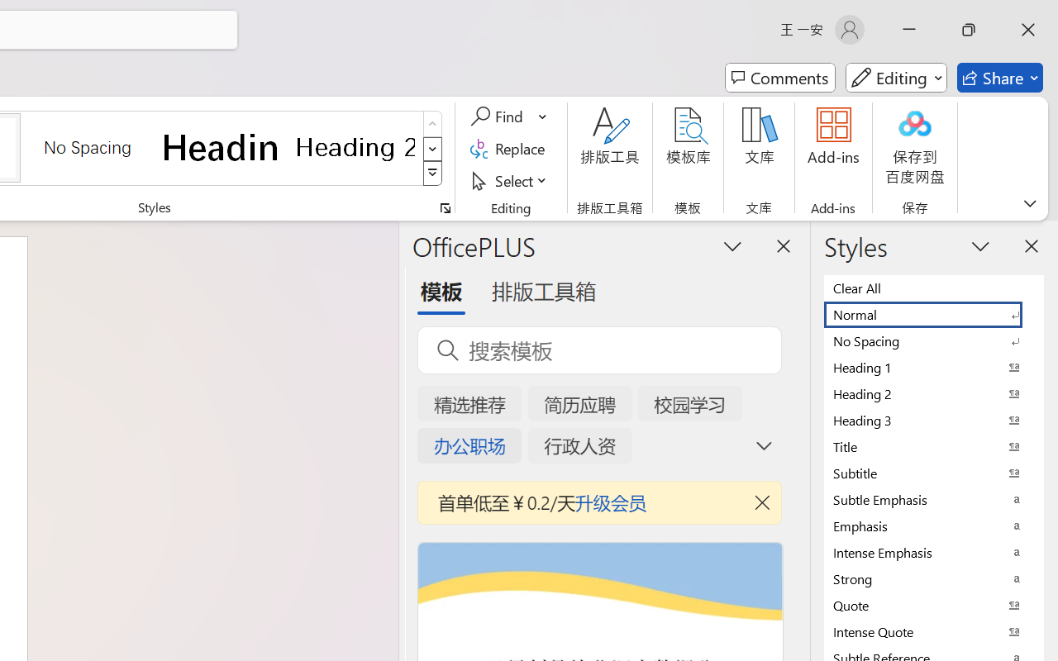 Image resolution: width=1058 pixels, height=661 pixels. I want to click on 'Restore Down', so click(969, 29).